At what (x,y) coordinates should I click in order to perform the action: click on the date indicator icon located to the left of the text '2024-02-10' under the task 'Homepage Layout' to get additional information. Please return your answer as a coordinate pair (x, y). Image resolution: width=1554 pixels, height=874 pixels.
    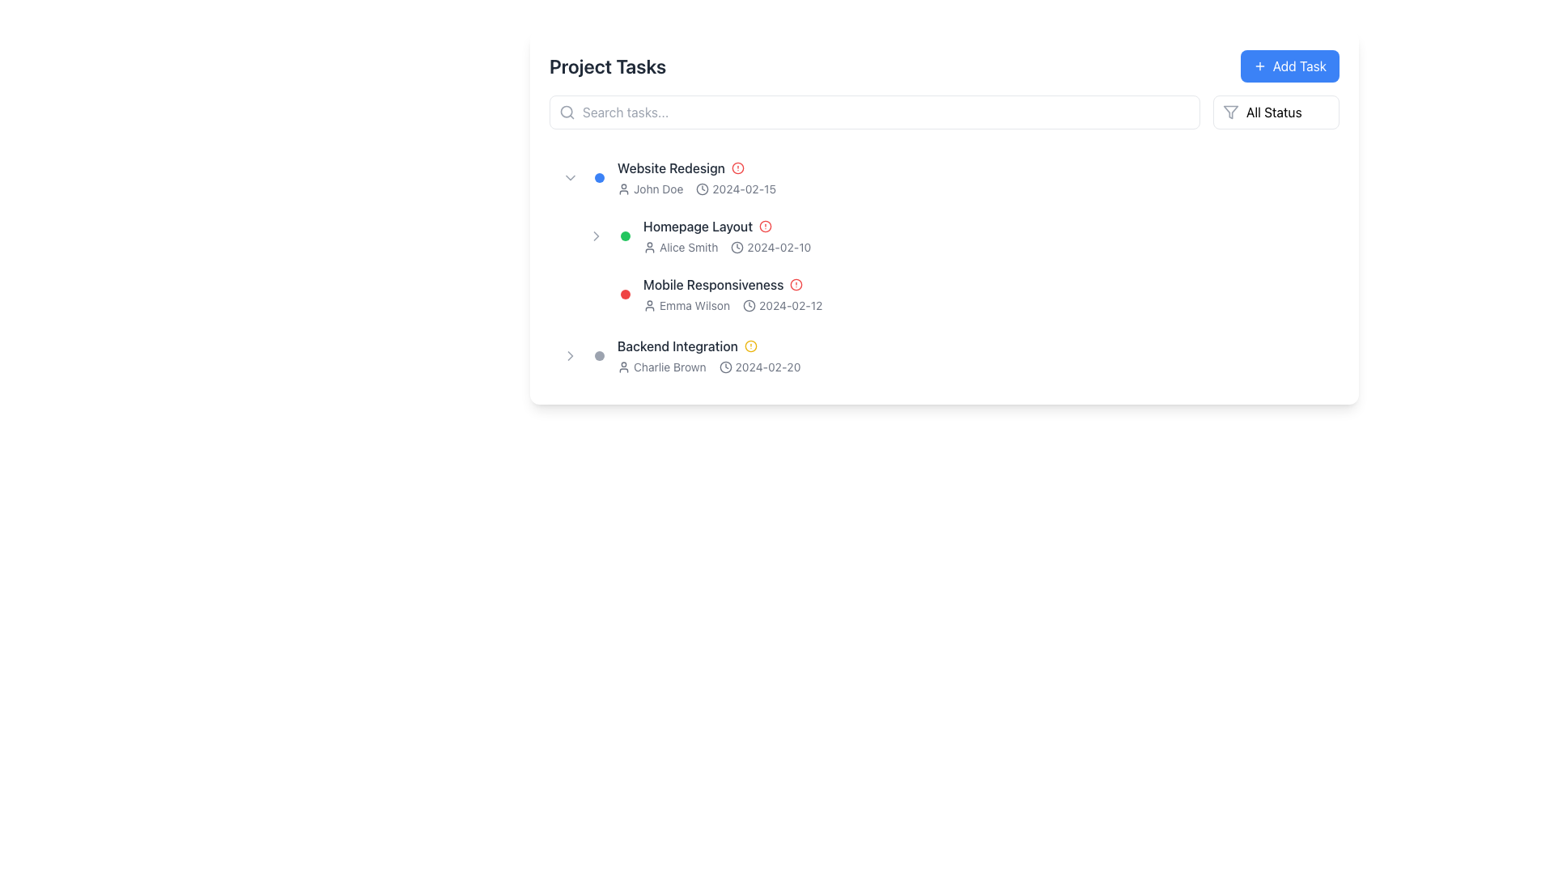
    Looking at the image, I should click on (737, 247).